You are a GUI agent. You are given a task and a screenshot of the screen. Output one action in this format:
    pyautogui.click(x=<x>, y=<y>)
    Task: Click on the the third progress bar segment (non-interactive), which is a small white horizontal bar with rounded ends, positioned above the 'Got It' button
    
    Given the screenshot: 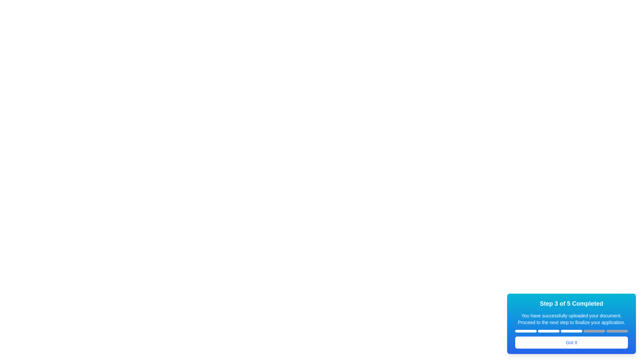 What is the action you would take?
    pyautogui.click(x=571, y=330)
    